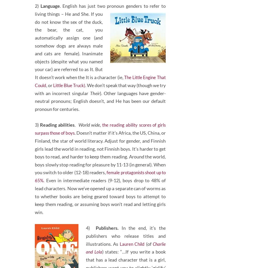 The image size is (271, 268). What do you see at coordinates (37, 139) in the screenshot?
I see `'3)'` at bounding box center [37, 139].